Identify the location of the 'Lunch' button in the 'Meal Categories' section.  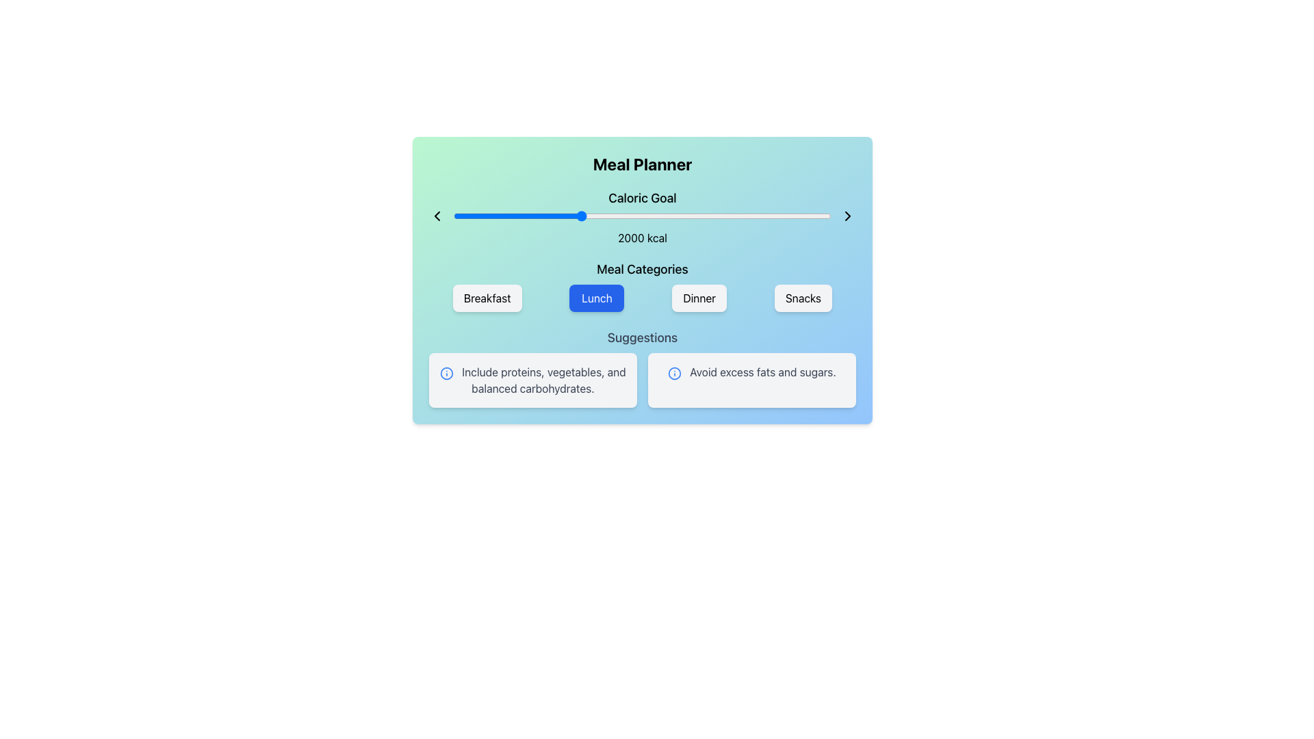
(597, 297).